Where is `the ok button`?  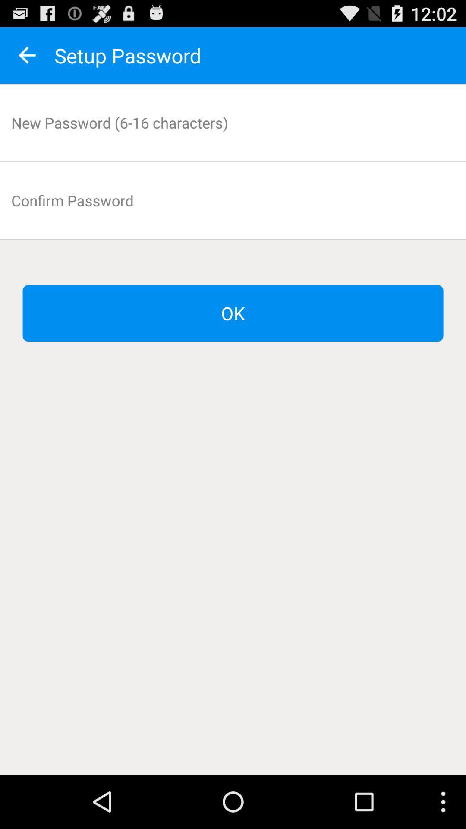
the ok button is located at coordinates (233, 313).